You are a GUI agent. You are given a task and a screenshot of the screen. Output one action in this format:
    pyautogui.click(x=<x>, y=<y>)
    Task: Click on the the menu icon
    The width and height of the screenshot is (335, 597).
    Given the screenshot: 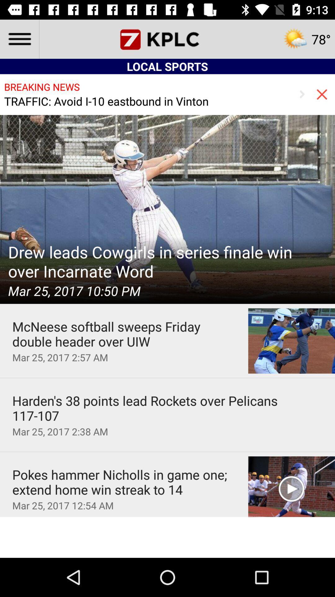 What is the action you would take?
    pyautogui.click(x=19, y=39)
    